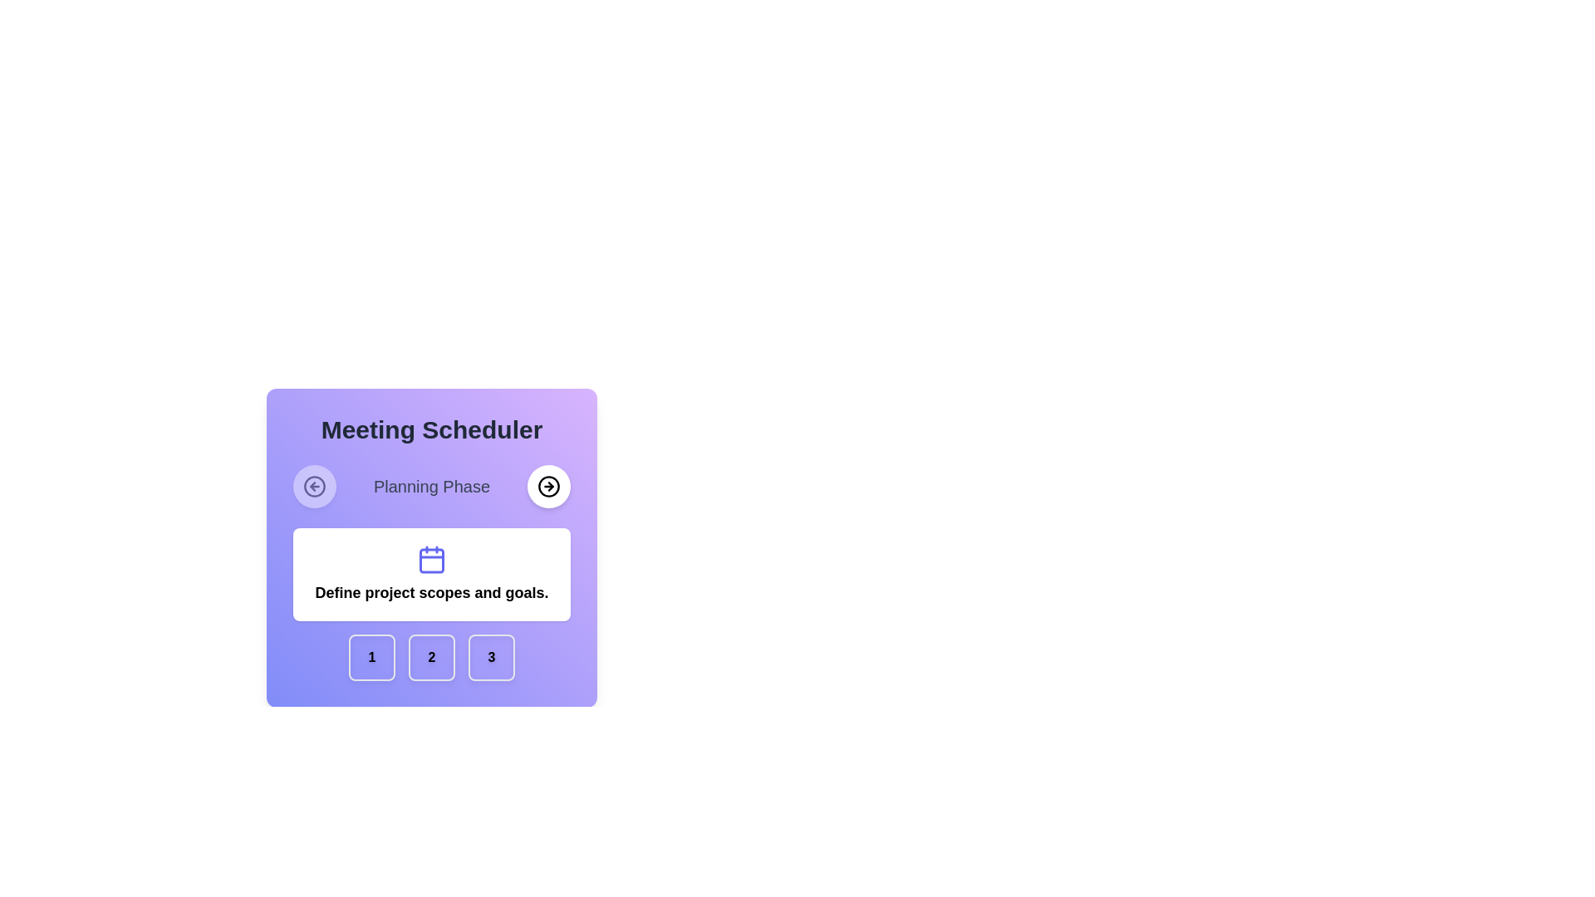 The height and width of the screenshot is (897, 1595). Describe the element at coordinates (431, 561) in the screenshot. I see `the innermost rectangular element within the calendar icon, which has rounded corners, a white fill, and a blue border, located in the 'Define project scopes and goals' section` at that location.